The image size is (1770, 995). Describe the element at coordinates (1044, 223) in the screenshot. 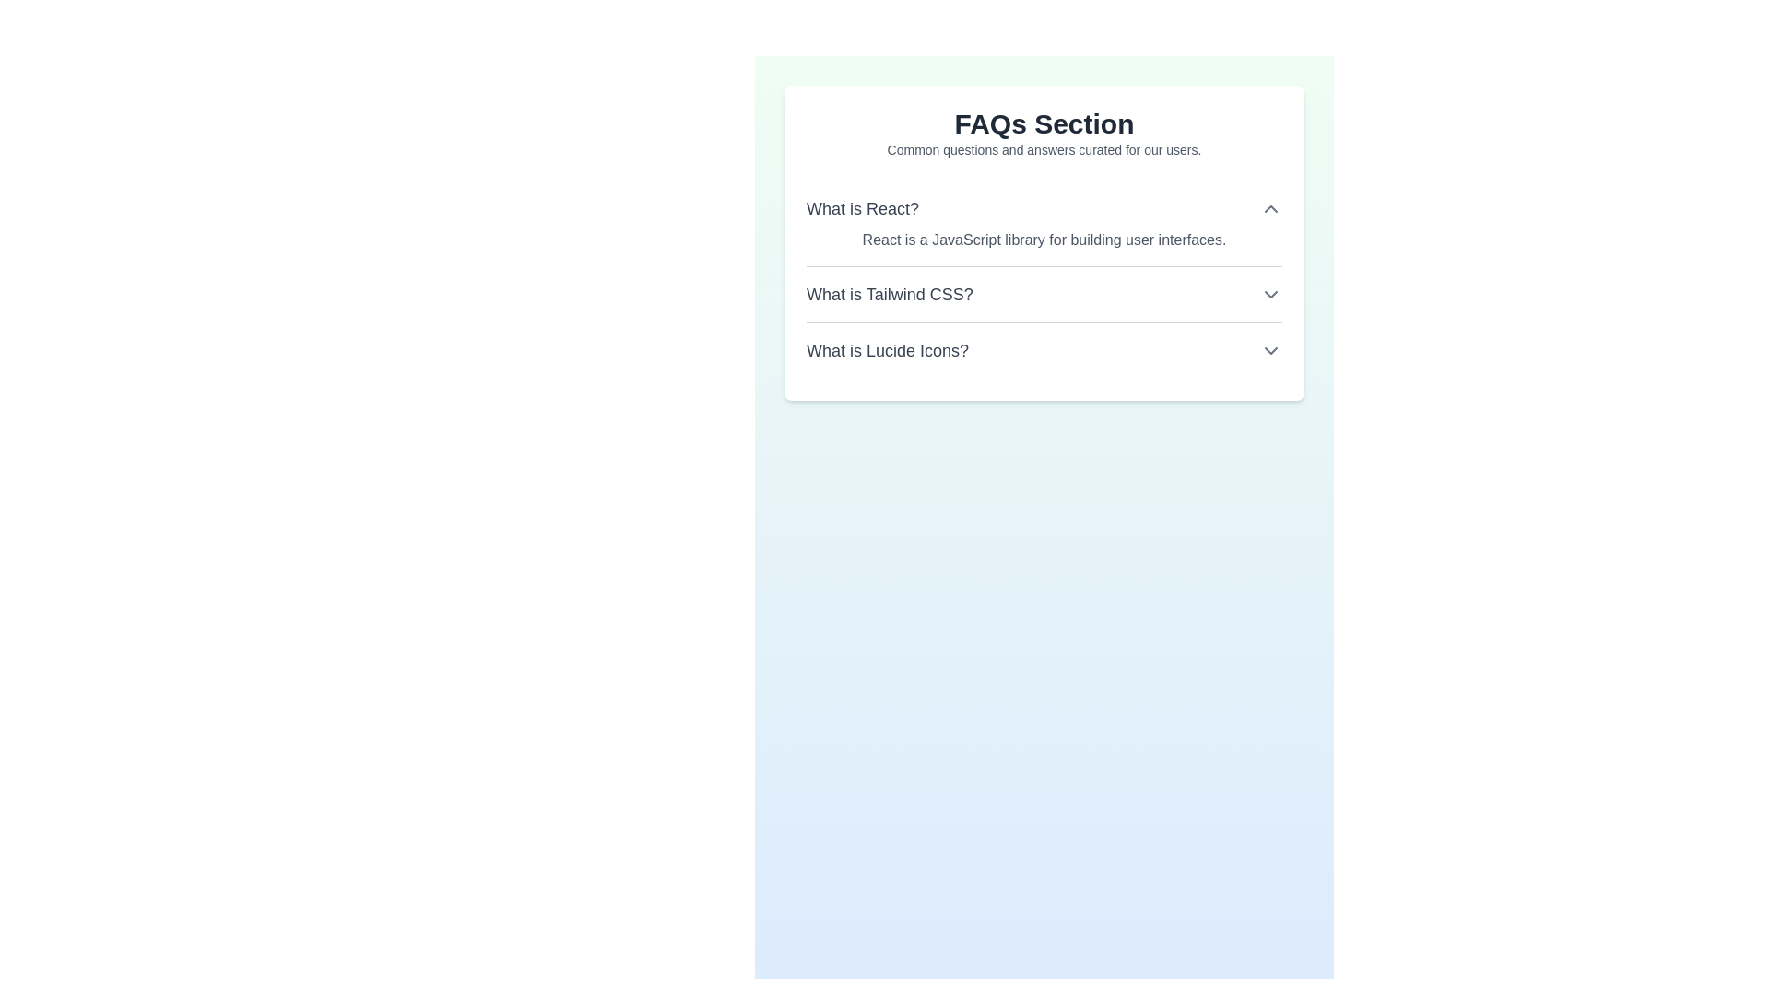

I see `the first Expandable FAQ item, which contains the question 'What is React?'` at that location.